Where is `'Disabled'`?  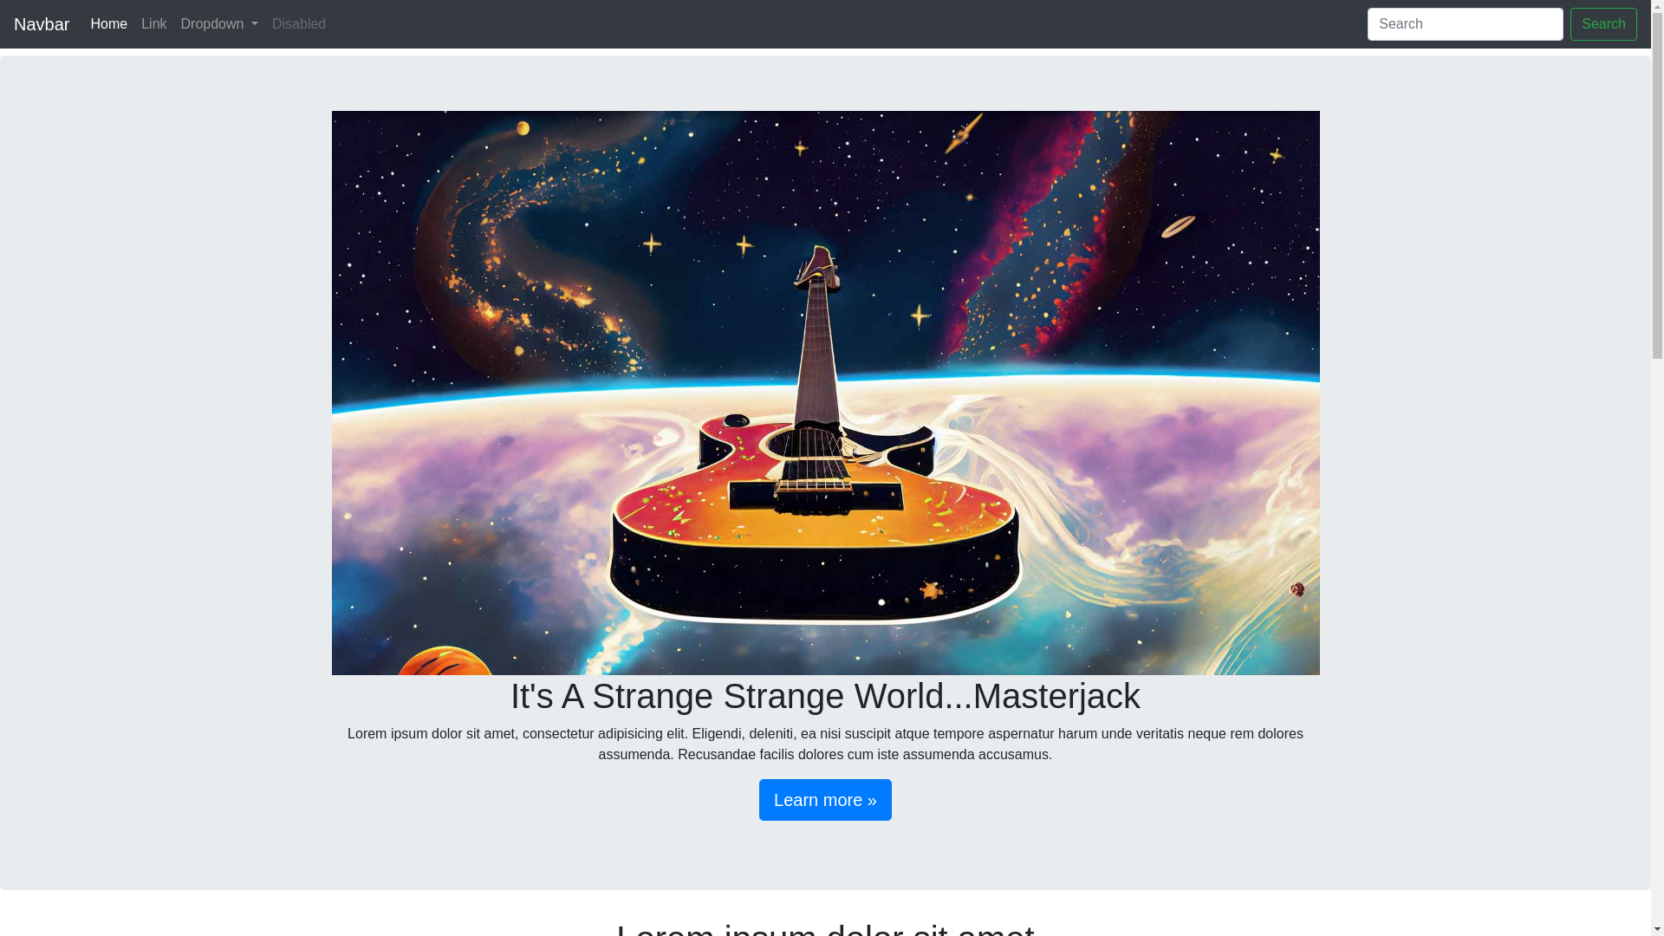
'Disabled' is located at coordinates (299, 23).